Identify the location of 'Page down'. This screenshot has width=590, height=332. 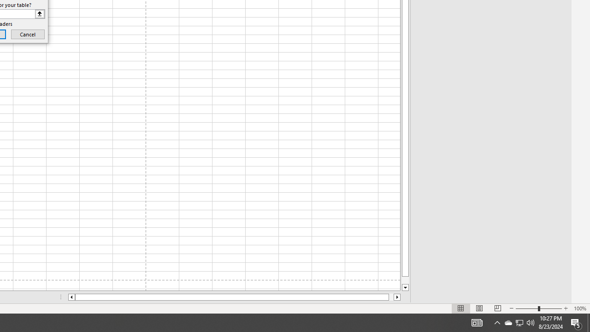
(405, 280).